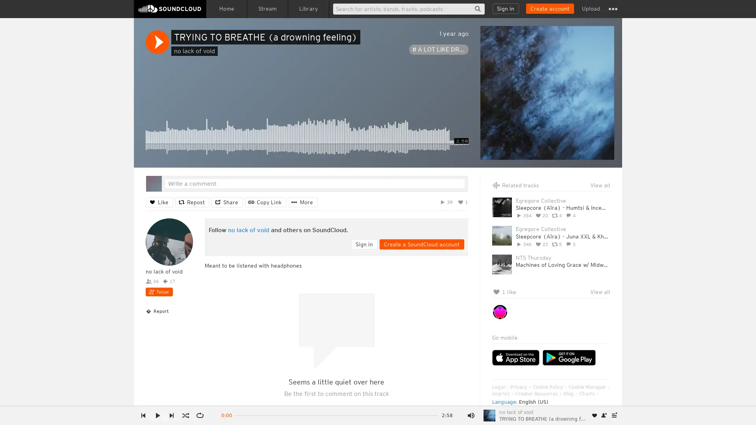 This screenshot has width=756, height=425. I want to click on Follow, so click(604, 415).